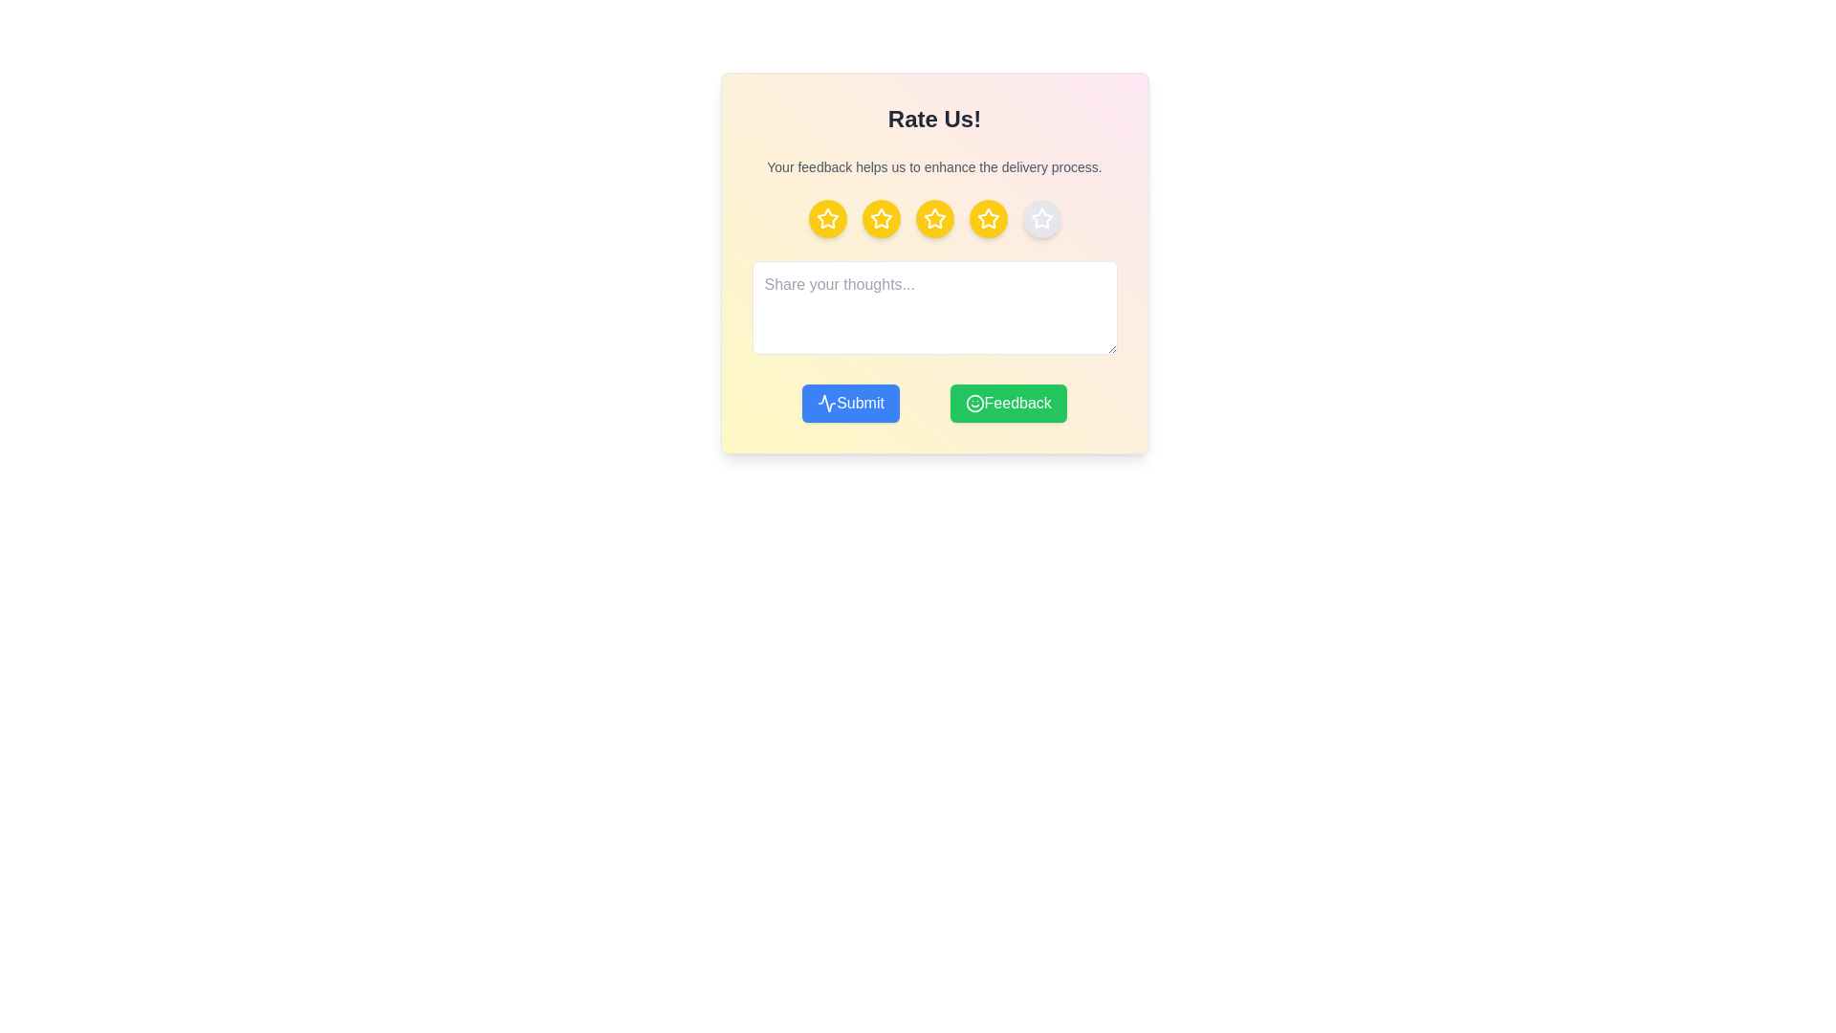  What do you see at coordinates (934, 217) in the screenshot?
I see `the rating to 3 stars by clicking on the corresponding star` at bounding box center [934, 217].